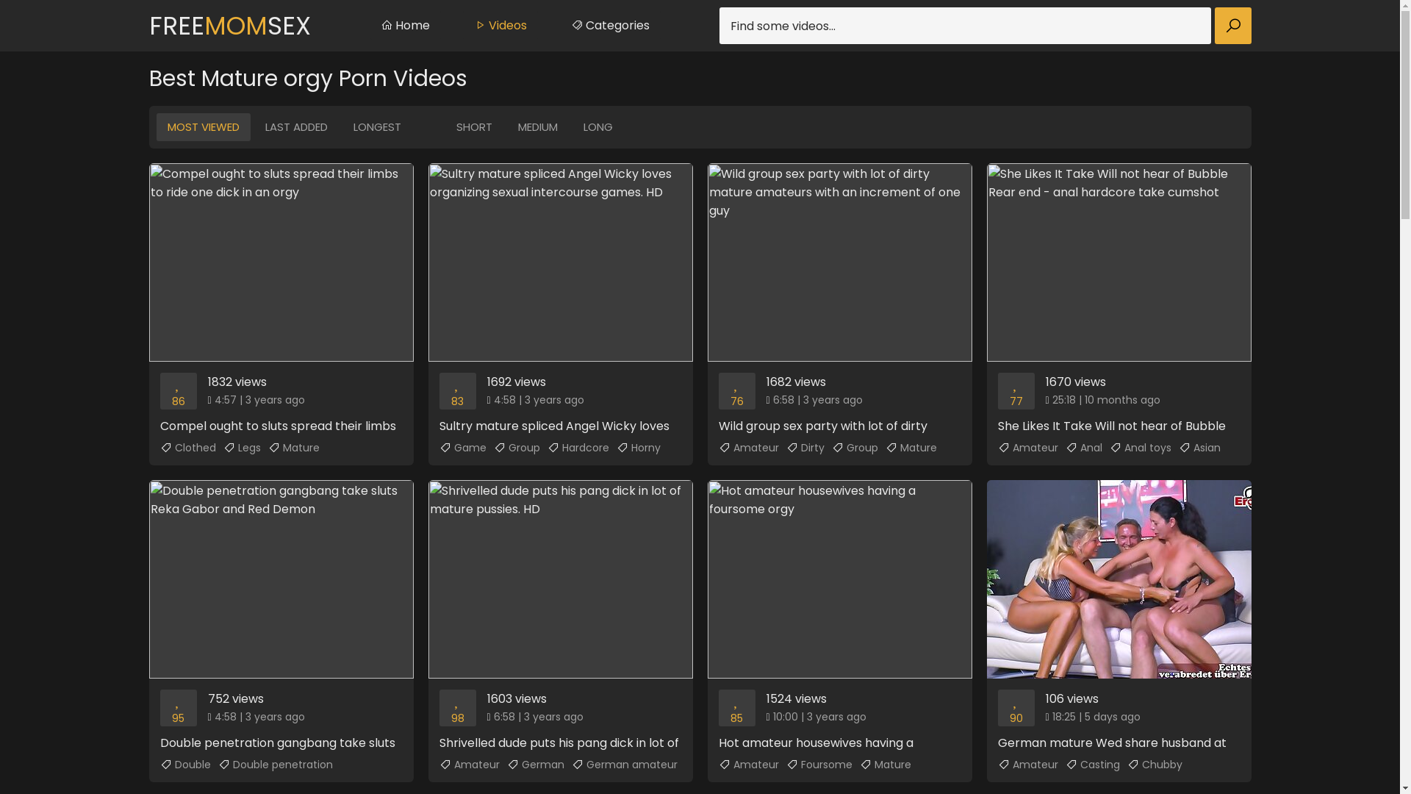  I want to click on 'LAST ADDED', so click(295, 126).